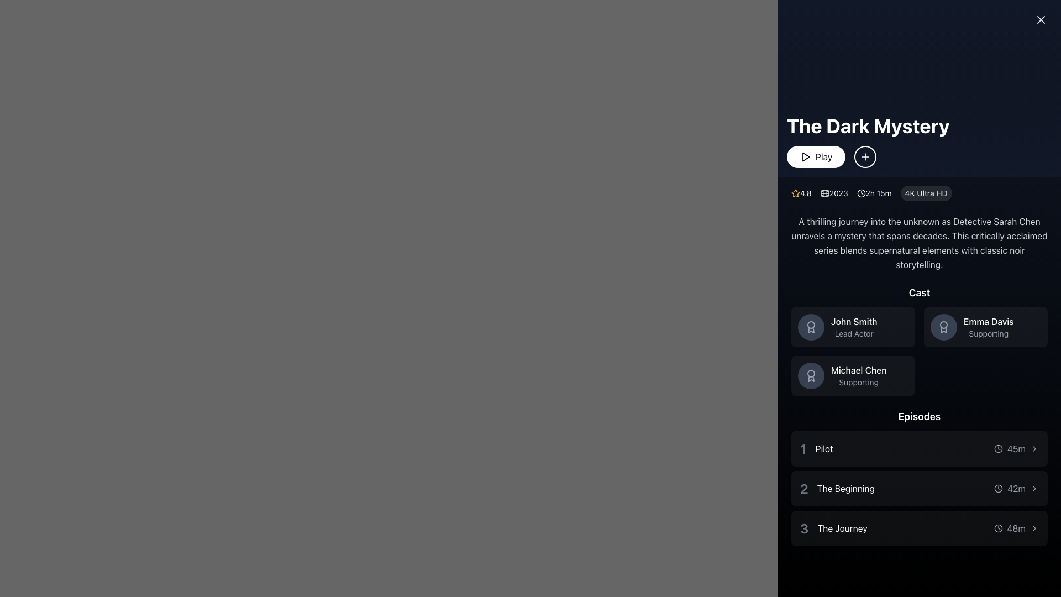 This screenshot has width=1061, height=597. What do you see at coordinates (999, 488) in the screenshot?
I see `the clock icon located in the 'Episodes' section, positioned to the left of the duration text ('42m') for the episode titled 'The Beginning'` at bounding box center [999, 488].